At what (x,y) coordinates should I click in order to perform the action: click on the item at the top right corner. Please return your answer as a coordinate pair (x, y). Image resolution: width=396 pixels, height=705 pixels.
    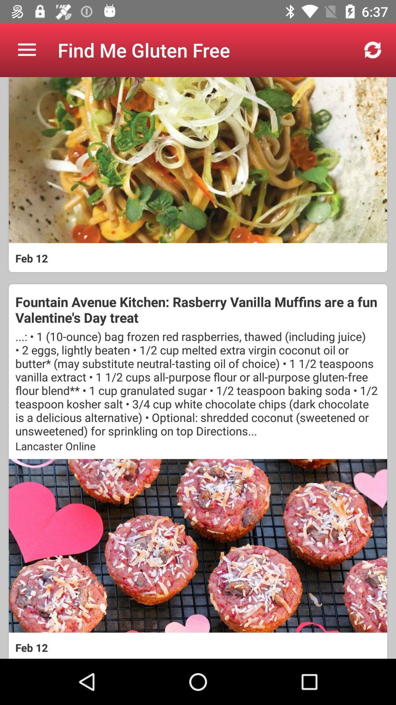
    Looking at the image, I should click on (373, 50).